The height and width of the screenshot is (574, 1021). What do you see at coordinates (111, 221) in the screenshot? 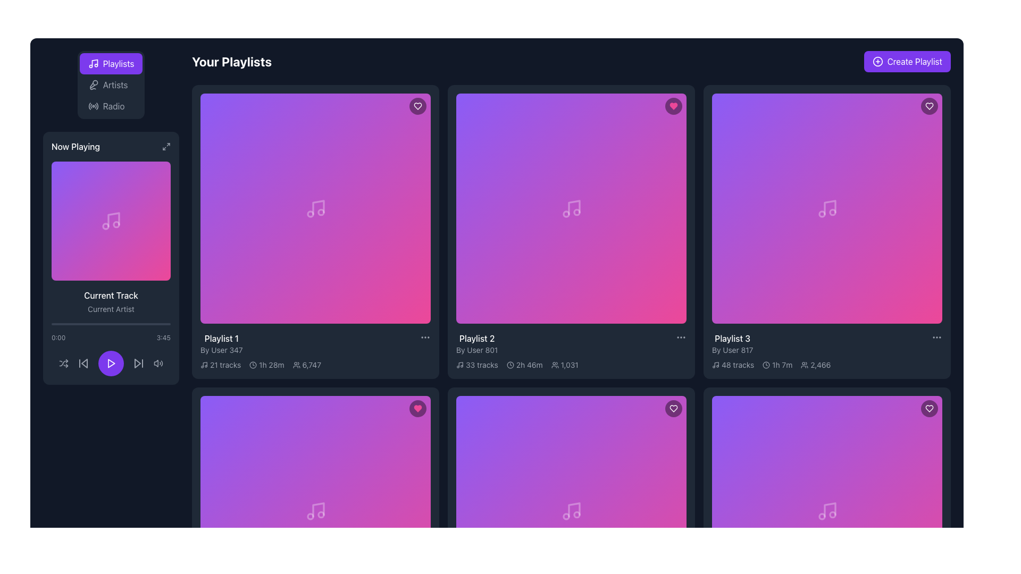
I see `the square tile for album art with a gradient background and a white music note icon in the 'Now Playing' section` at bounding box center [111, 221].